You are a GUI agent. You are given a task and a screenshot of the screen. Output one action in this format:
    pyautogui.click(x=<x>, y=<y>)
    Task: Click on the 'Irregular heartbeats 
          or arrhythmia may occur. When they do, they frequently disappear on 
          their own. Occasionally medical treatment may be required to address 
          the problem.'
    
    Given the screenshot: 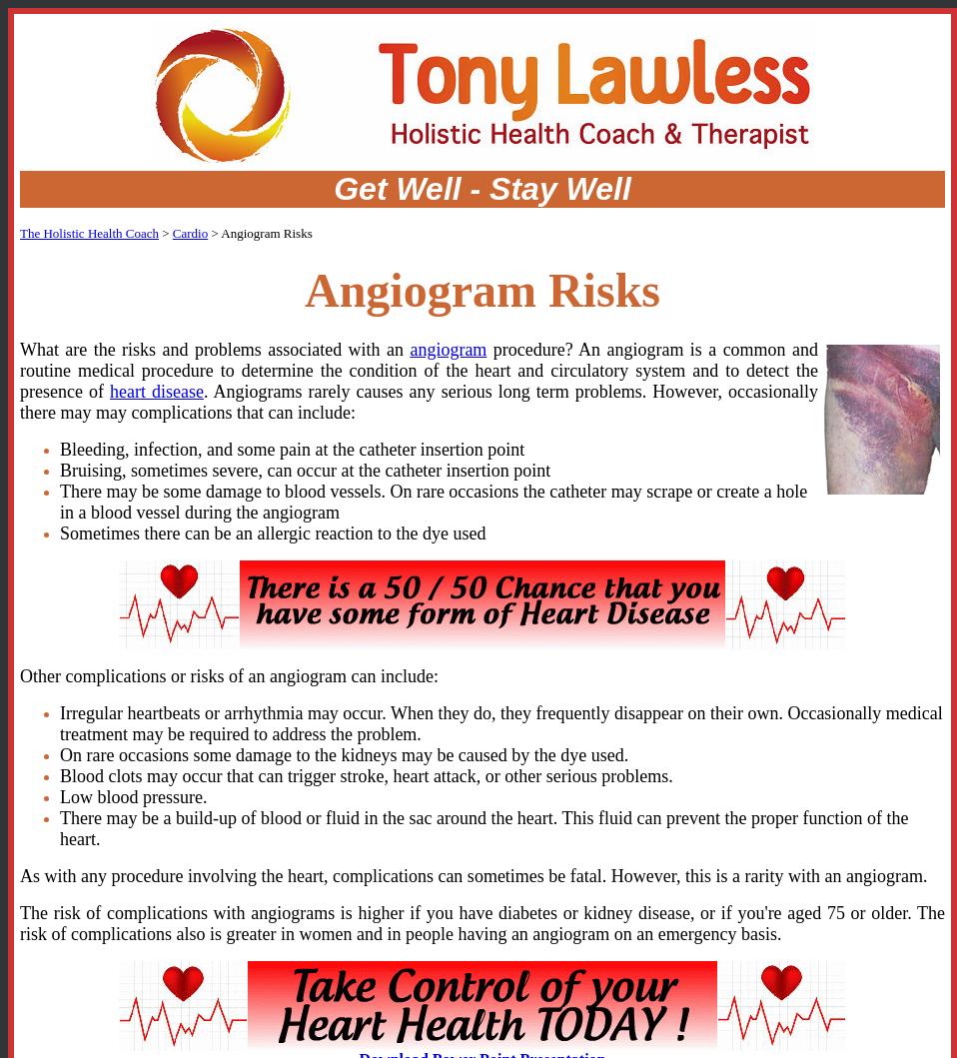 What is the action you would take?
    pyautogui.click(x=499, y=722)
    